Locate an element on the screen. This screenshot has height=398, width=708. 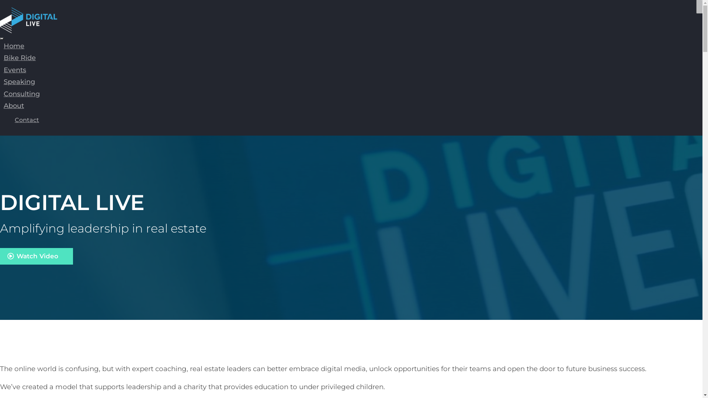
'Speaking' is located at coordinates (19, 82).